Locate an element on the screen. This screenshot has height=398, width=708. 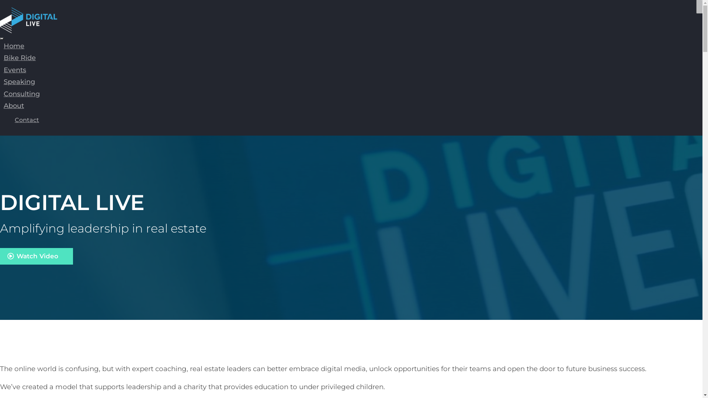
'Speaking' is located at coordinates (19, 82).